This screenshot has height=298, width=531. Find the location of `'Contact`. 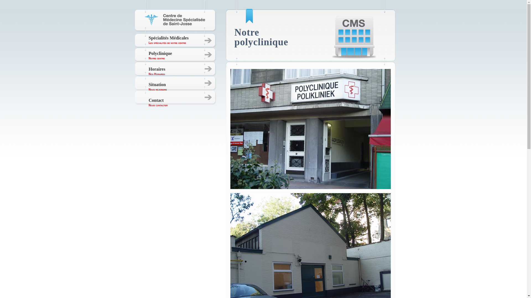

'Contact is located at coordinates (158, 102).